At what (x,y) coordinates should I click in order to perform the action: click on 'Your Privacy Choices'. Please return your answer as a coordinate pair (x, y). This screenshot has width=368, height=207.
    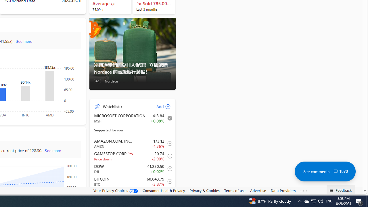
    Looking at the image, I should click on (115, 190).